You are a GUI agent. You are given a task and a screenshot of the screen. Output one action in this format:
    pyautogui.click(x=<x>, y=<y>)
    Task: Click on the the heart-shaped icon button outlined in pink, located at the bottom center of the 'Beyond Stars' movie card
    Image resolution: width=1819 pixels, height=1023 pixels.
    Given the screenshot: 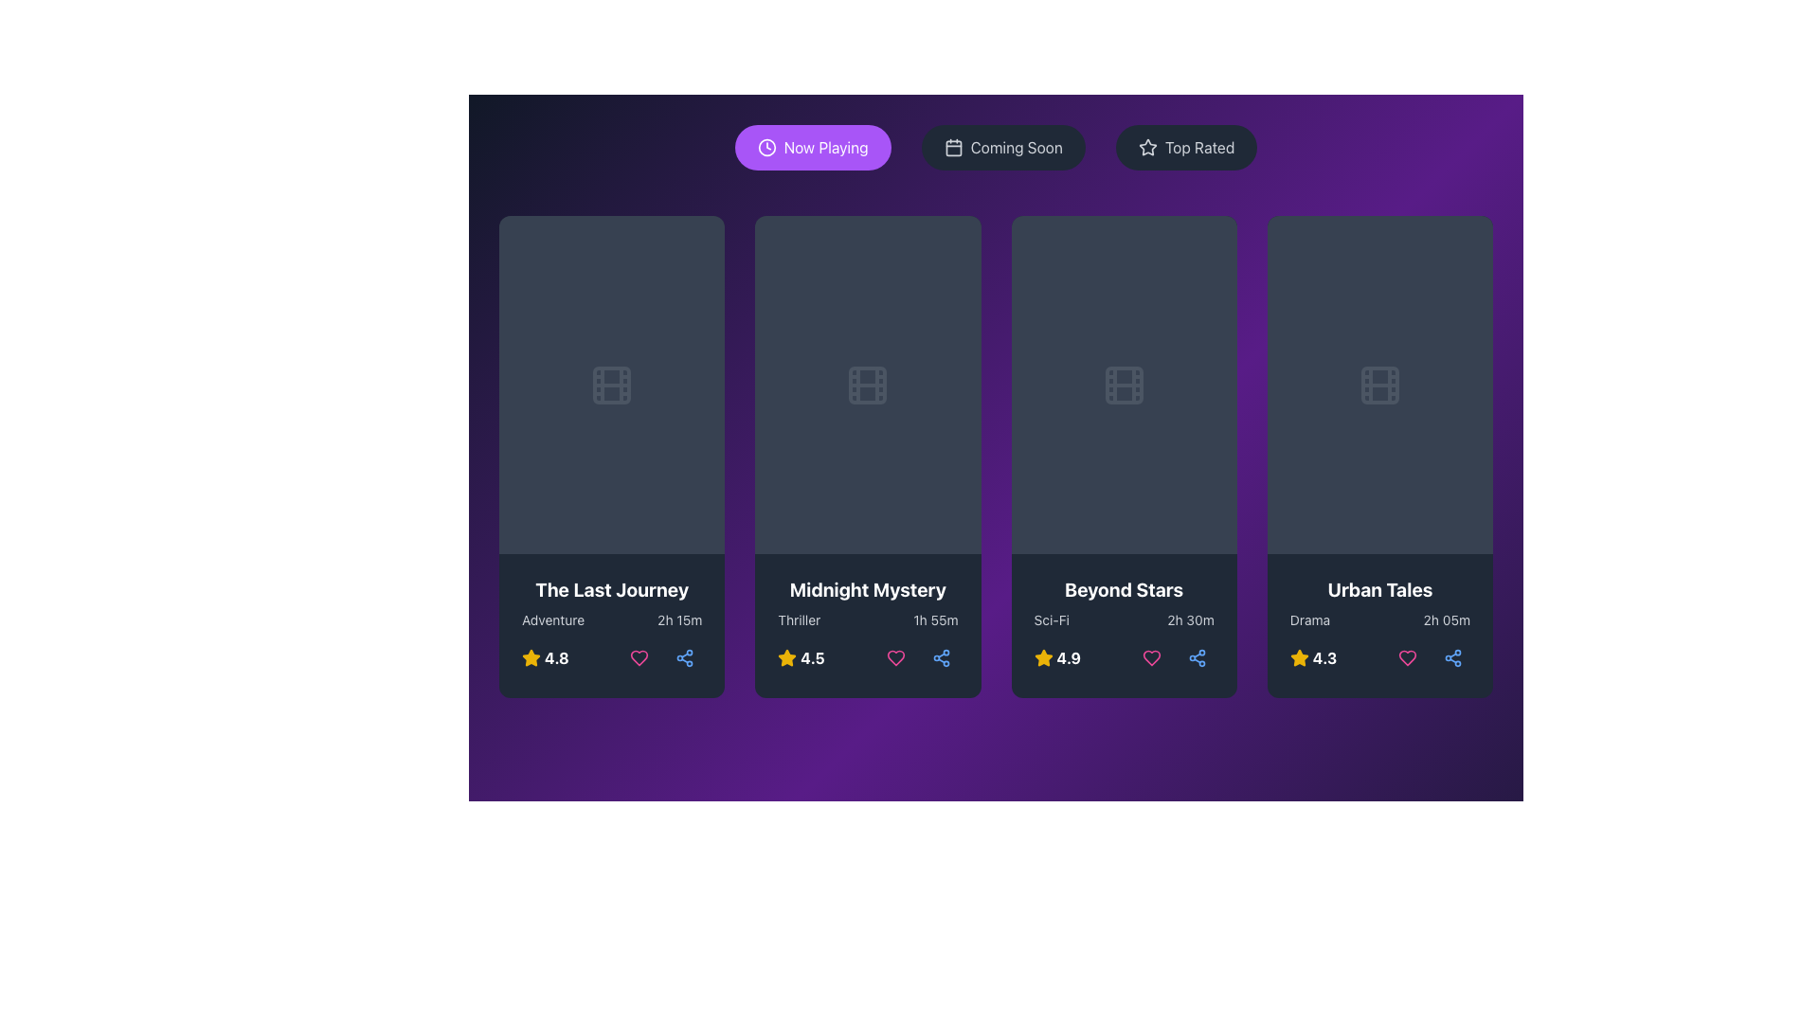 What is the action you would take?
    pyautogui.click(x=1150, y=657)
    